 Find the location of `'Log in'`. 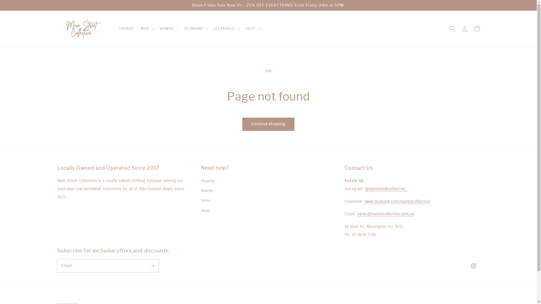

'Log in' is located at coordinates (464, 28).